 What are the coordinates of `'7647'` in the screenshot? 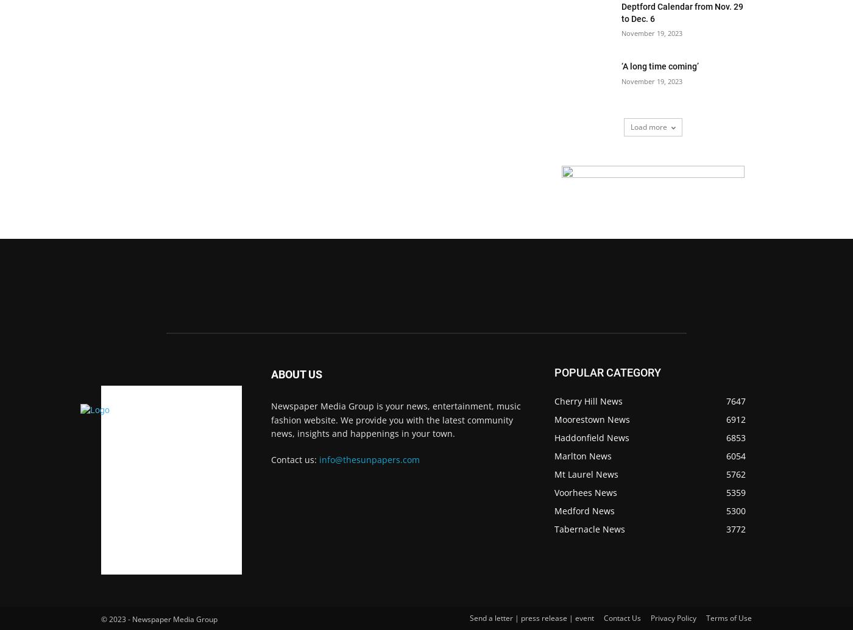 It's located at (726, 401).